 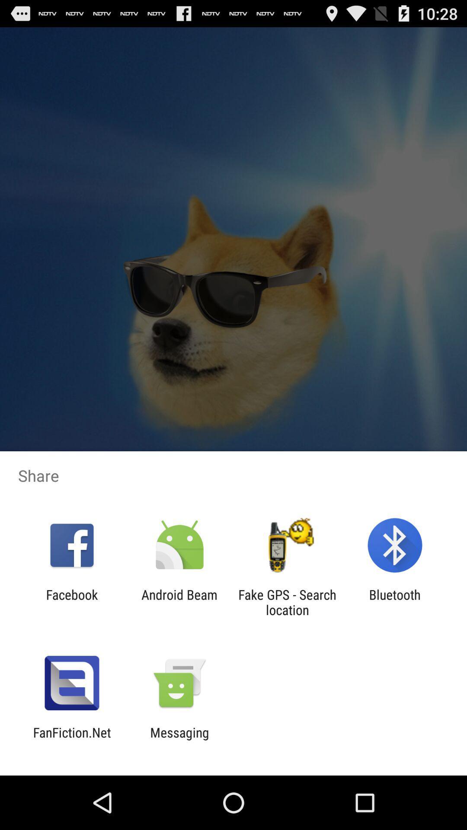 What do you see at coordinates (179, 740) in the screenshot?
I see `messaging icon` at bounding box center [179, 740].